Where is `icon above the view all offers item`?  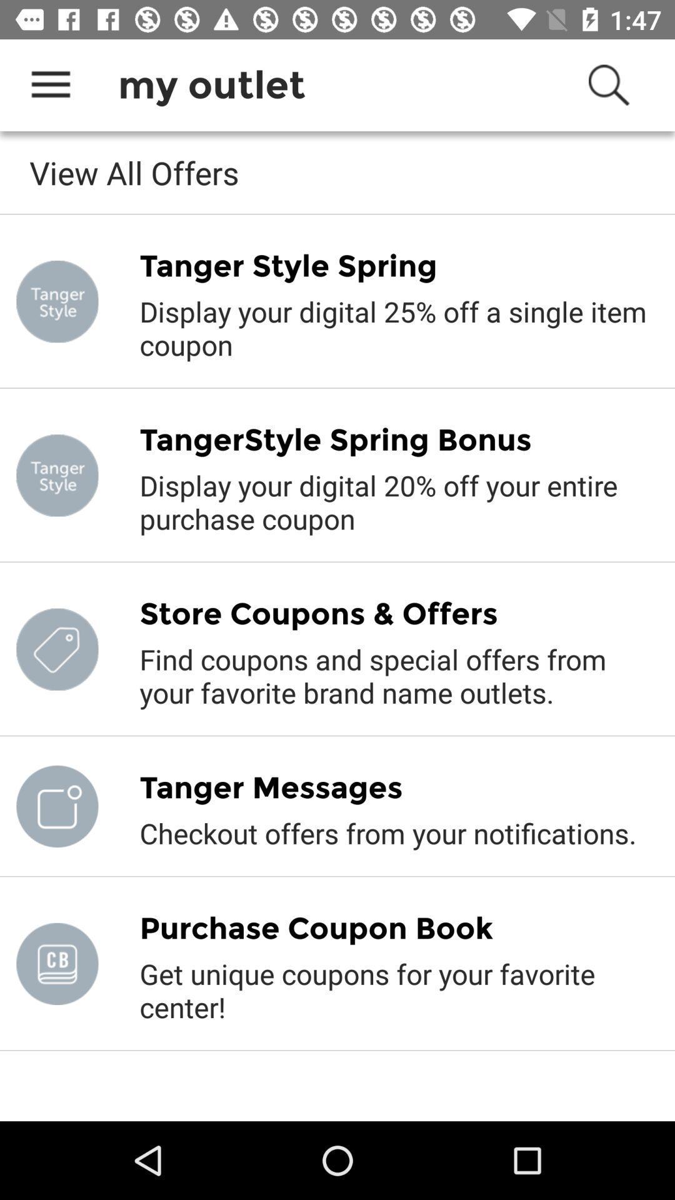 icon above the view all offers item is located at coordinates (50, 84).